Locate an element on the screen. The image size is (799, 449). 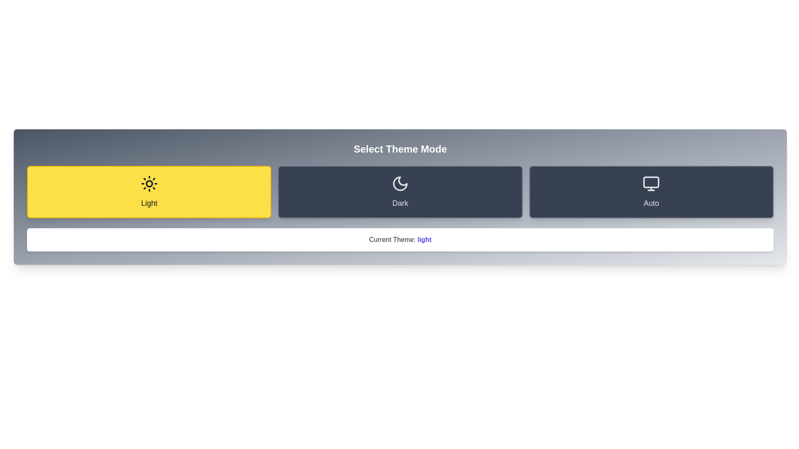
the static text component that displays the currently selected theme, which shows 'Current Theme: light' in bold blue text on a white background is located at coordinates (400, 240).